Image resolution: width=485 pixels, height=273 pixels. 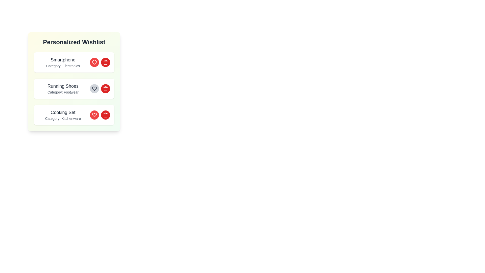 What do you see at coordinates (105, 88) in the screenshot?
I see `the delete button for the item with name Running Shoes` at bounding box center [105, 88].